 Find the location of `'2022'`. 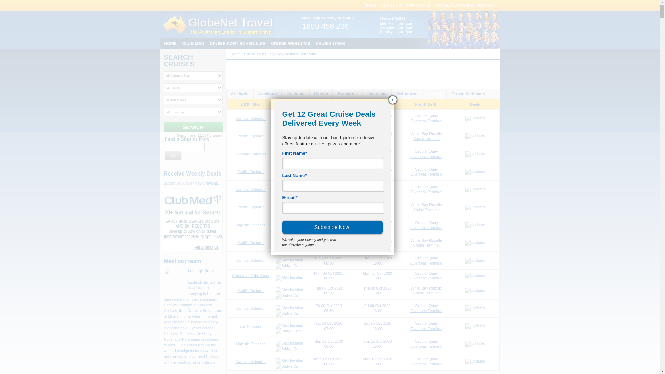

'2022' is located at coordinates (325, 76).